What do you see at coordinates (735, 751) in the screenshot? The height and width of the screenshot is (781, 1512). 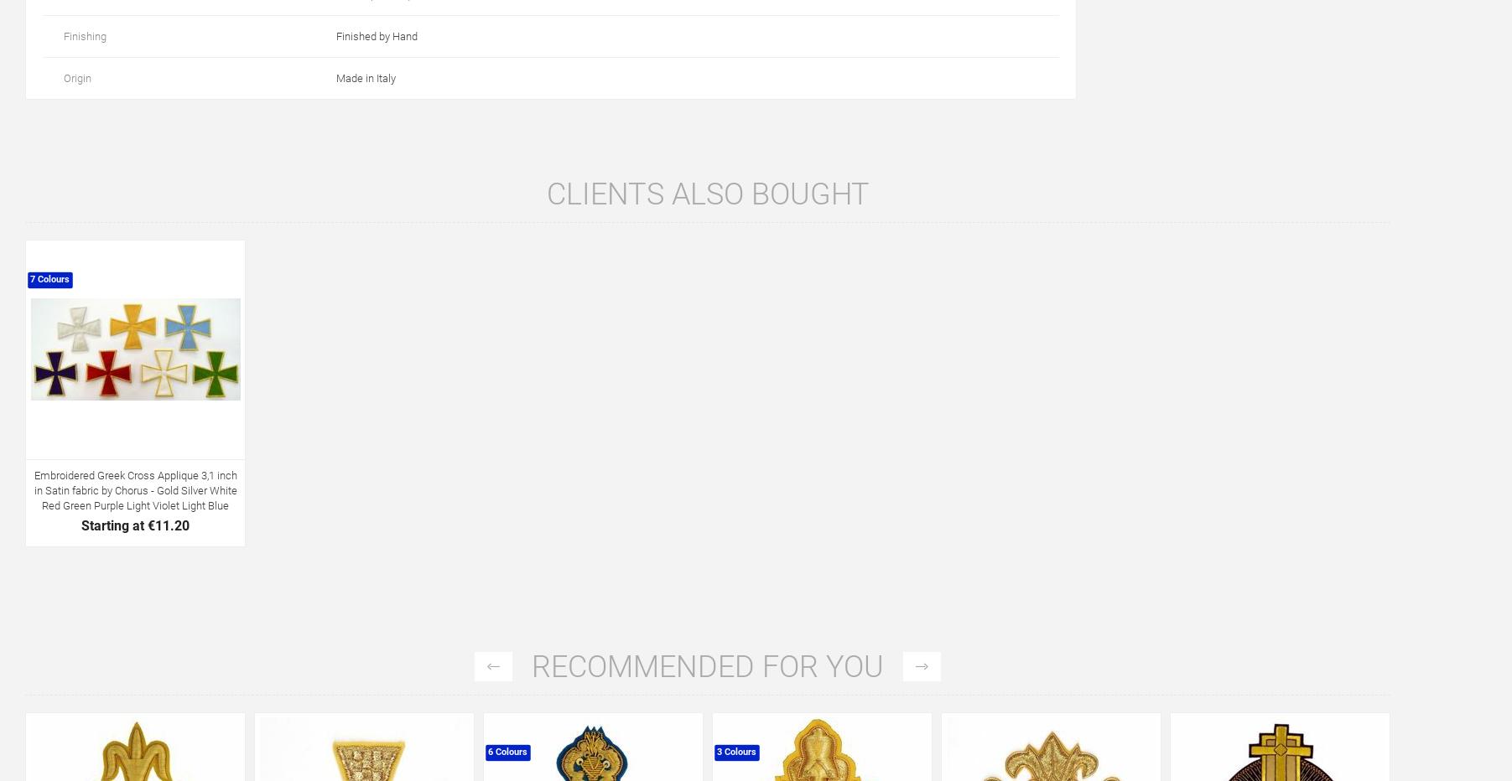 I see `'3 Colours'` at bounding box center [735, 751].